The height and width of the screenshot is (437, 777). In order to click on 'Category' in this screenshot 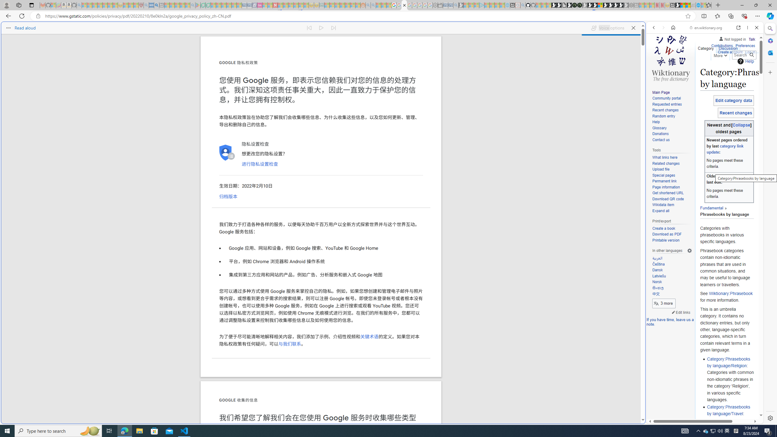, I will do `click(705, 47)`.